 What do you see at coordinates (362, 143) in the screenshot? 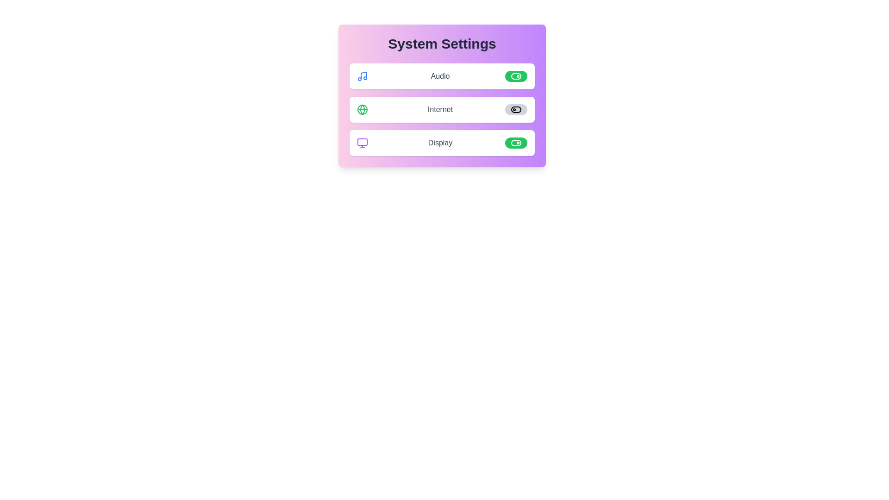
I see `the monitor icon outlined in purple, located next to the 'Display' label in the bottom row of the System Settings card` at bounding box center [362, 143].